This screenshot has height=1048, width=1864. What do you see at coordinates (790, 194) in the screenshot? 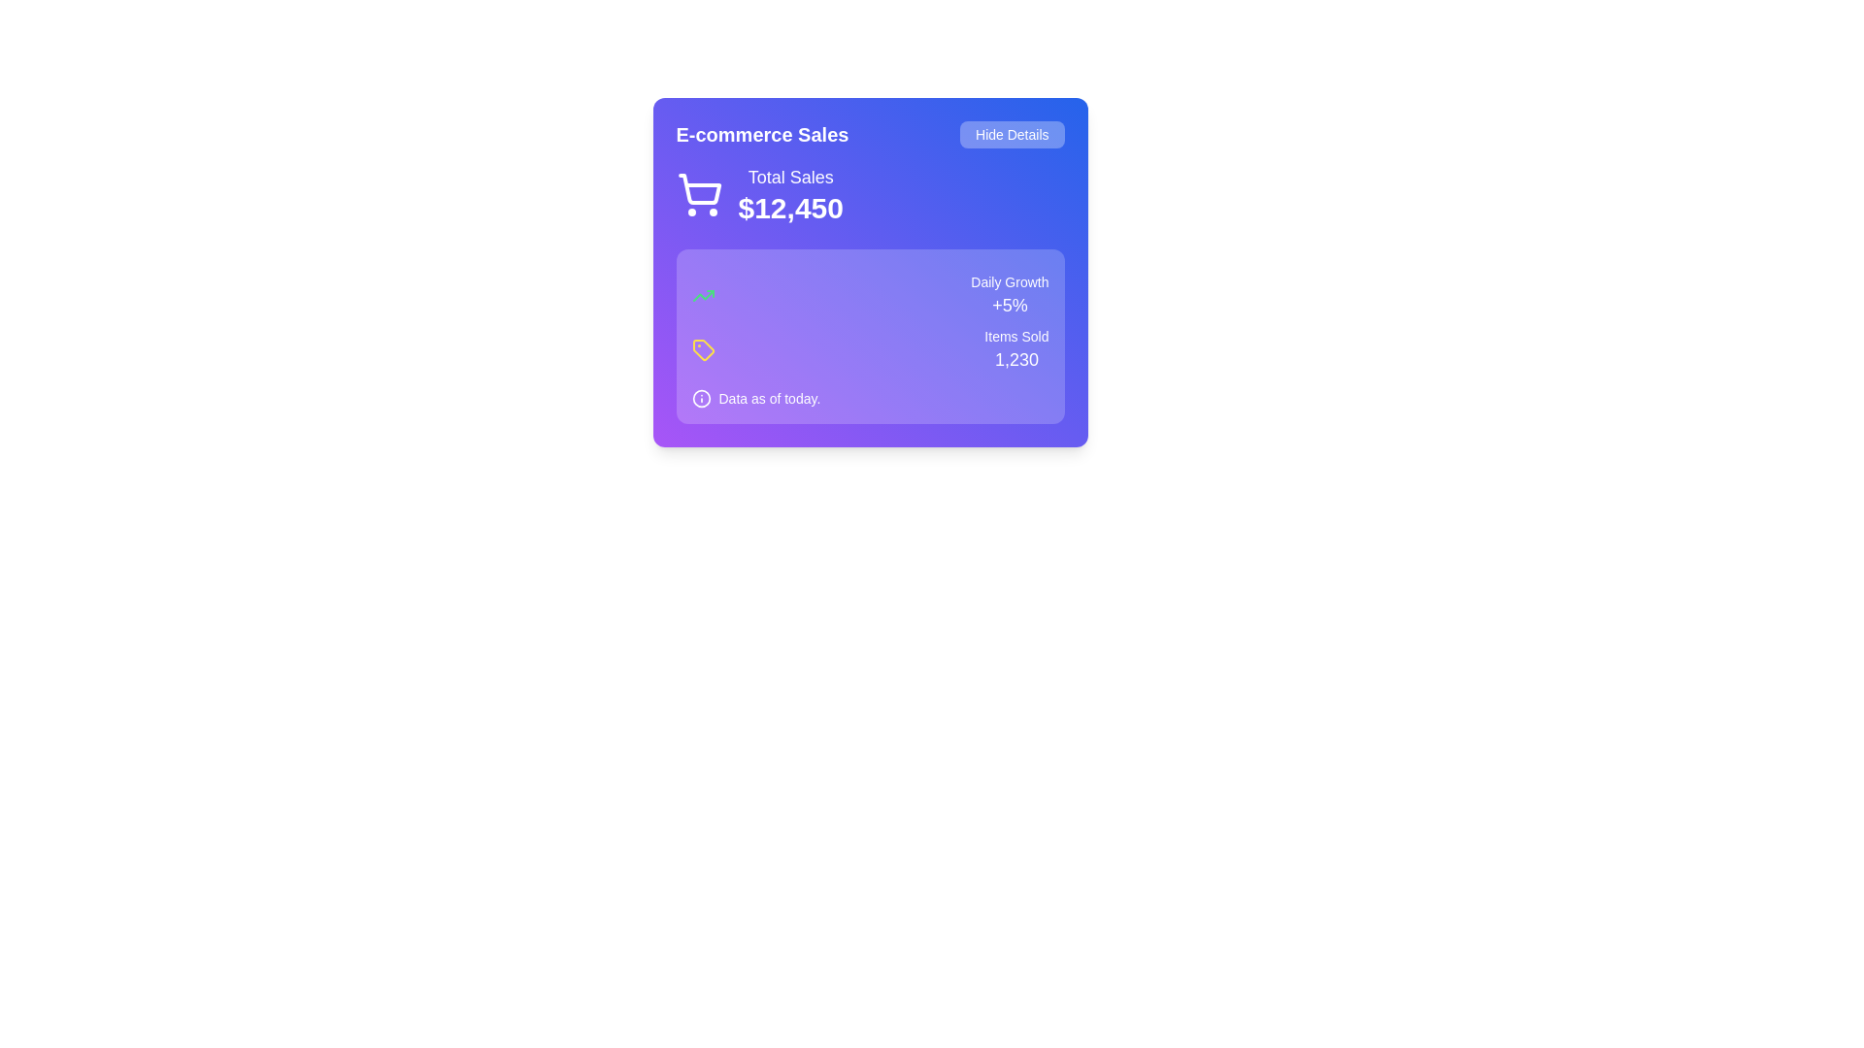
I see `the Text Display that shows the total sales amount, located below the shopping cart icon and above 'Daily Growth' and 'Items Sold'` at bounding box center [790, 194].